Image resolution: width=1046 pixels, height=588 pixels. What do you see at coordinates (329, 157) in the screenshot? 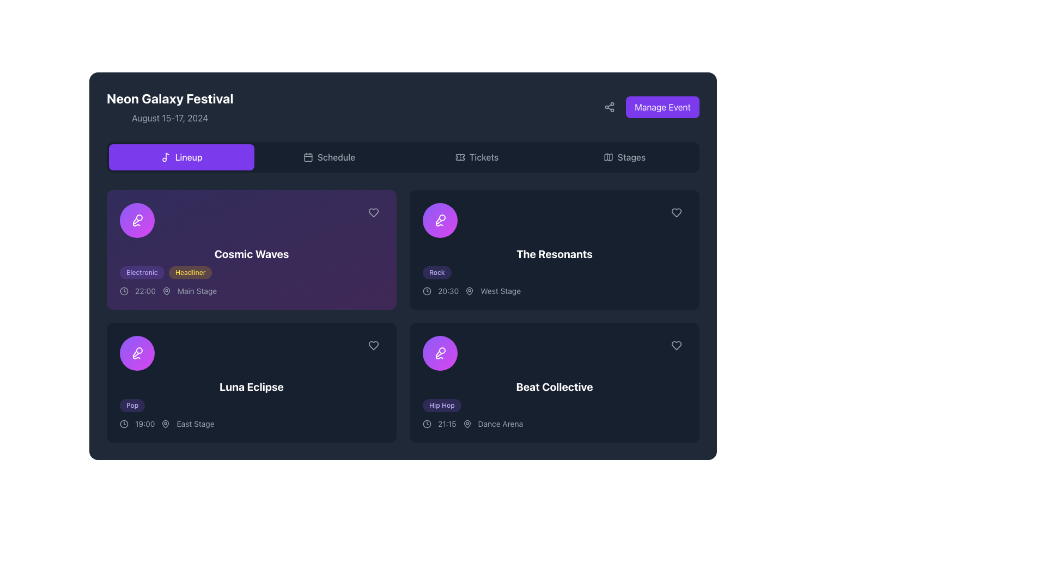
I see `the navigational button` at bounding box center [329, 157].